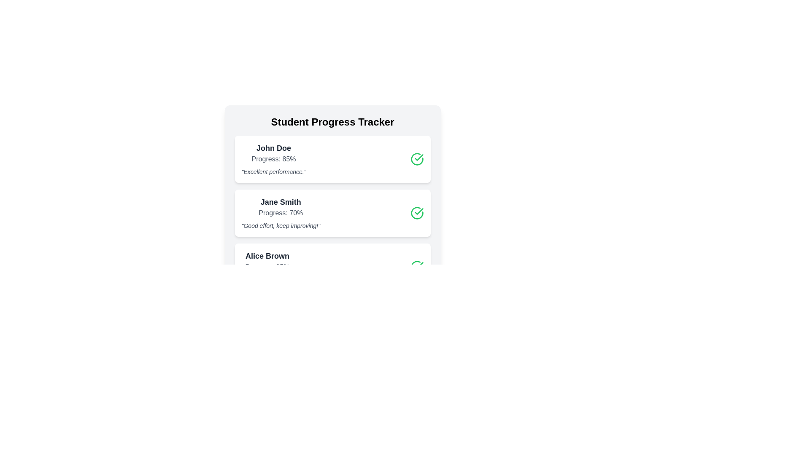 This screenshot has width=810, height=455. Describe the element at coordinates (417, 212) in the screenshot. I see `the green check icon corresponding to Jane Smith` at that location.